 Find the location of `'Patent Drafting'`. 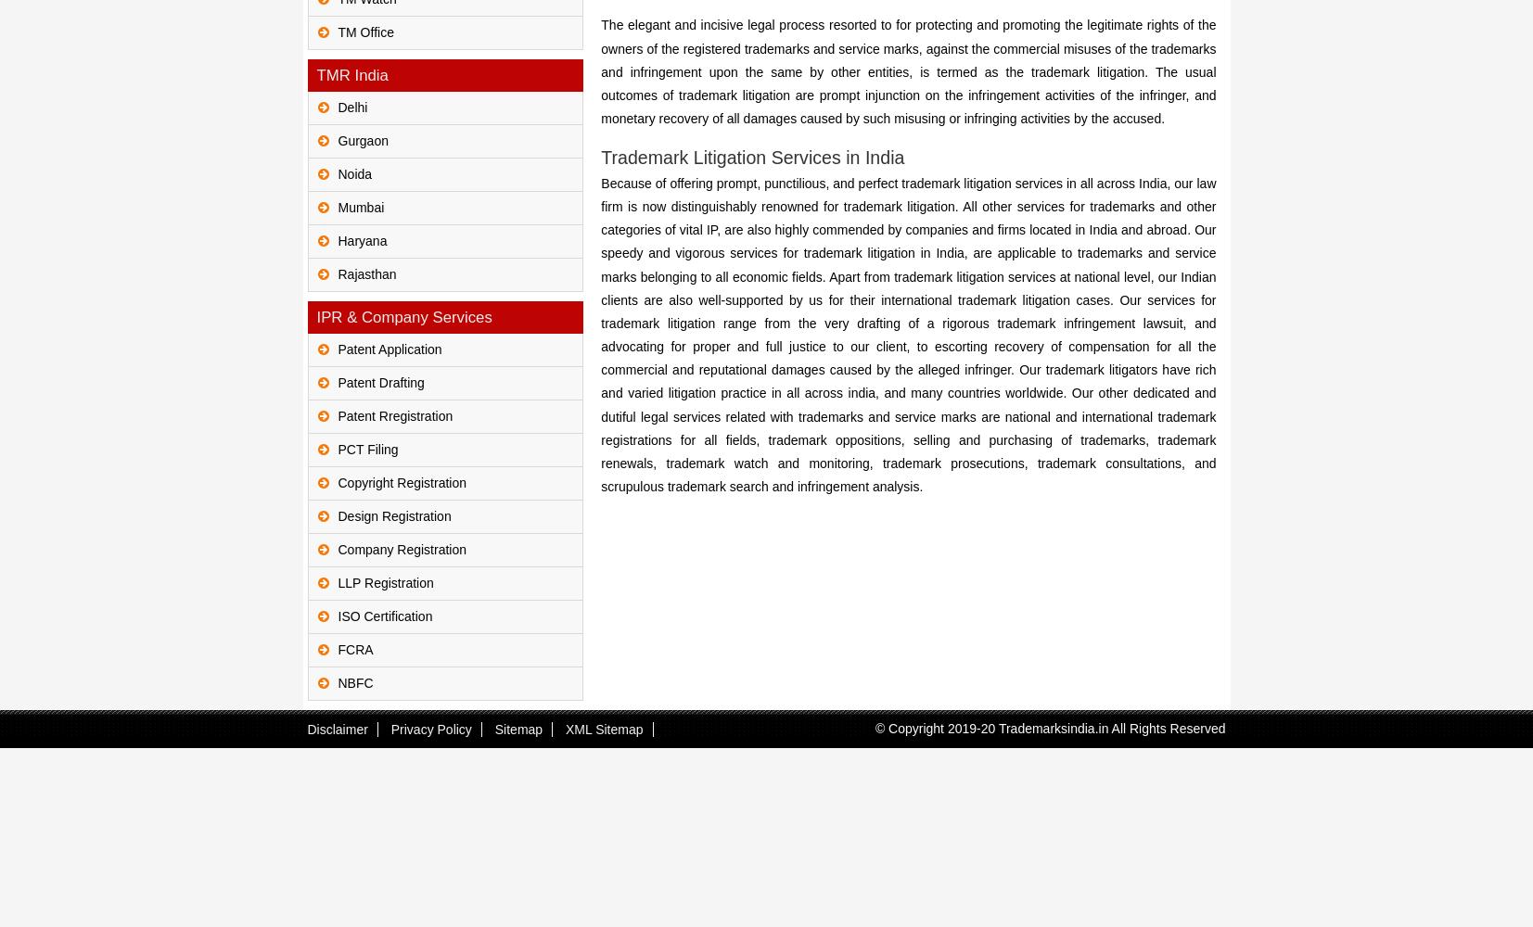

'Patent Drafting' is located at coordinates (379, 383).